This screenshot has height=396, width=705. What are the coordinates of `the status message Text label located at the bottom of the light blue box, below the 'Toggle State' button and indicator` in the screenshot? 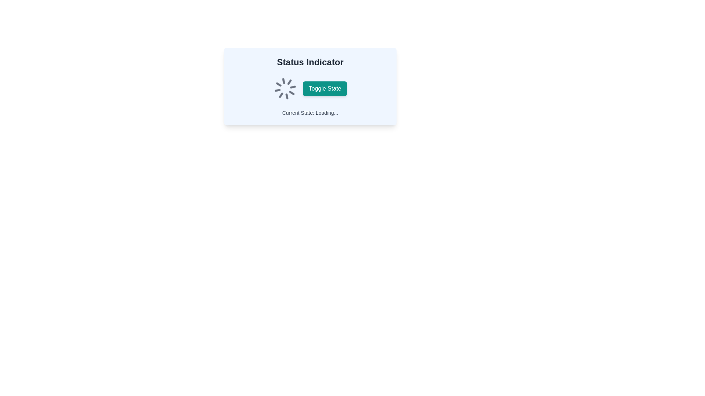 It's located at (310, 113).